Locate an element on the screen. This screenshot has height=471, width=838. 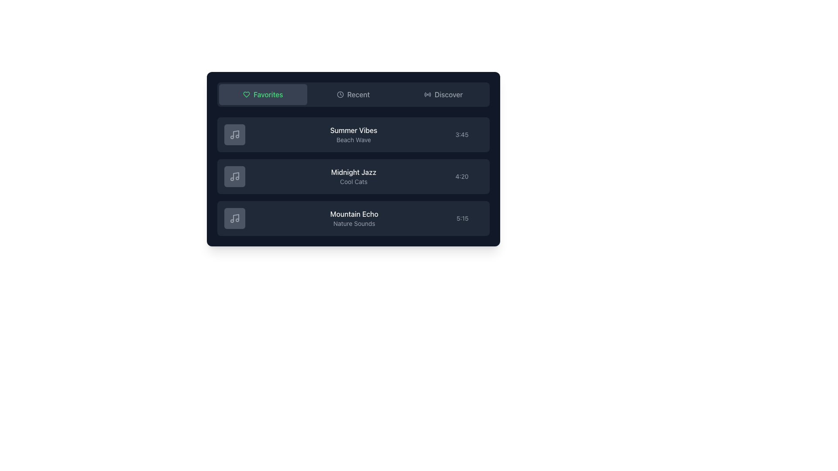
the text label displaying the song title 'Mountain Echo' and genre 'Nature Sounds', which is the third entry in the vertical list of items is located at coordinates (354, 218).